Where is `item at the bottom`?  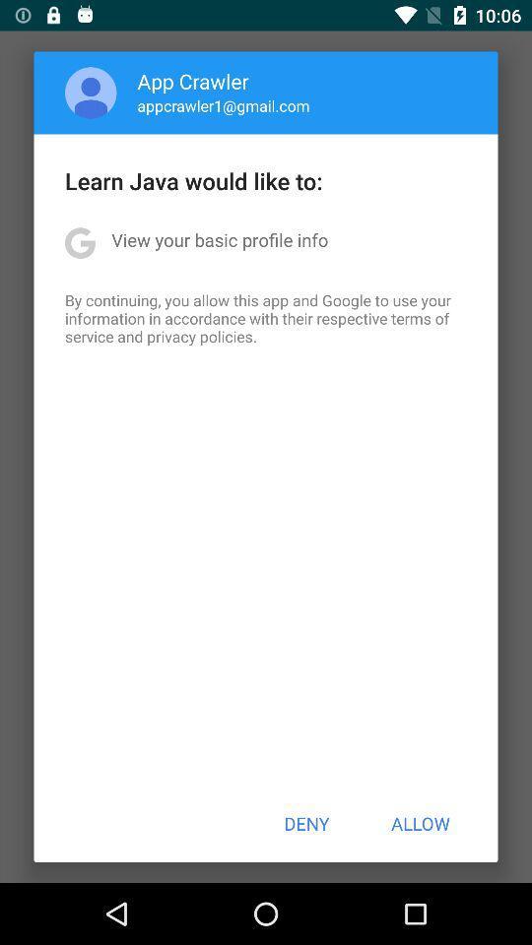
item at the bottom is located at coordinates (306, 823).